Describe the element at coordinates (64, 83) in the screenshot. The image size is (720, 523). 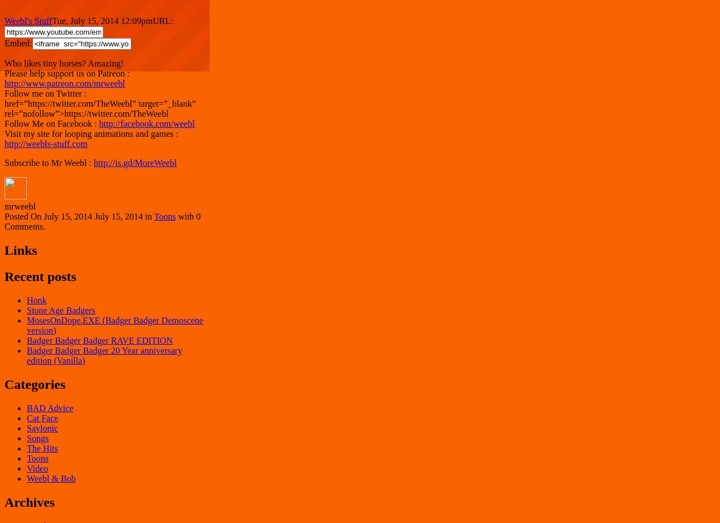
I see `'http://www.patreon.com/mrweebl'` at that location.